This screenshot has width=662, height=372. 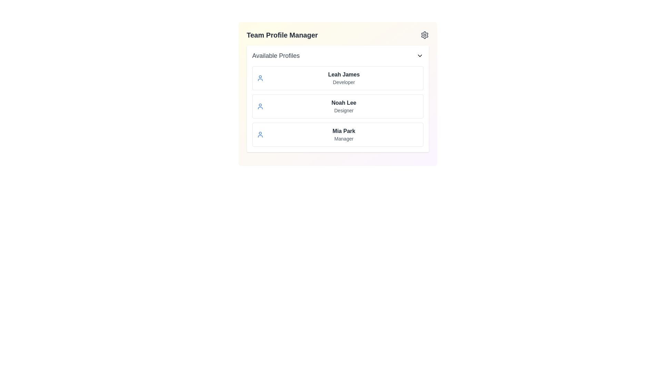 What do you see at coordinates (260, 78) in the screenshot?
I see `the user icon for 'Leah James Developer', a blue SVG icon located at the top left corner of the profile entry` at bounding box center [260, 78].